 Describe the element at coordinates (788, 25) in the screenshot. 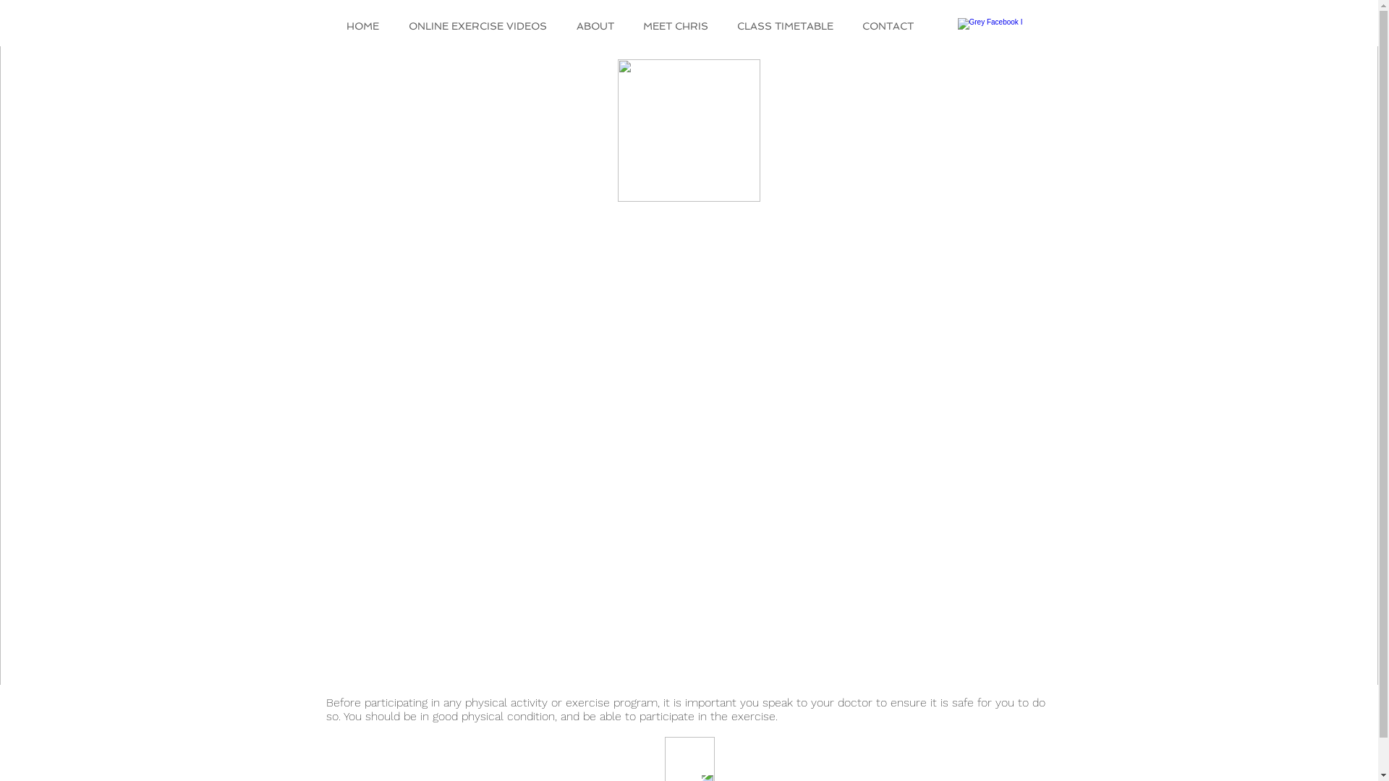

I see `'CLASS TIMETABLE'` at that location.